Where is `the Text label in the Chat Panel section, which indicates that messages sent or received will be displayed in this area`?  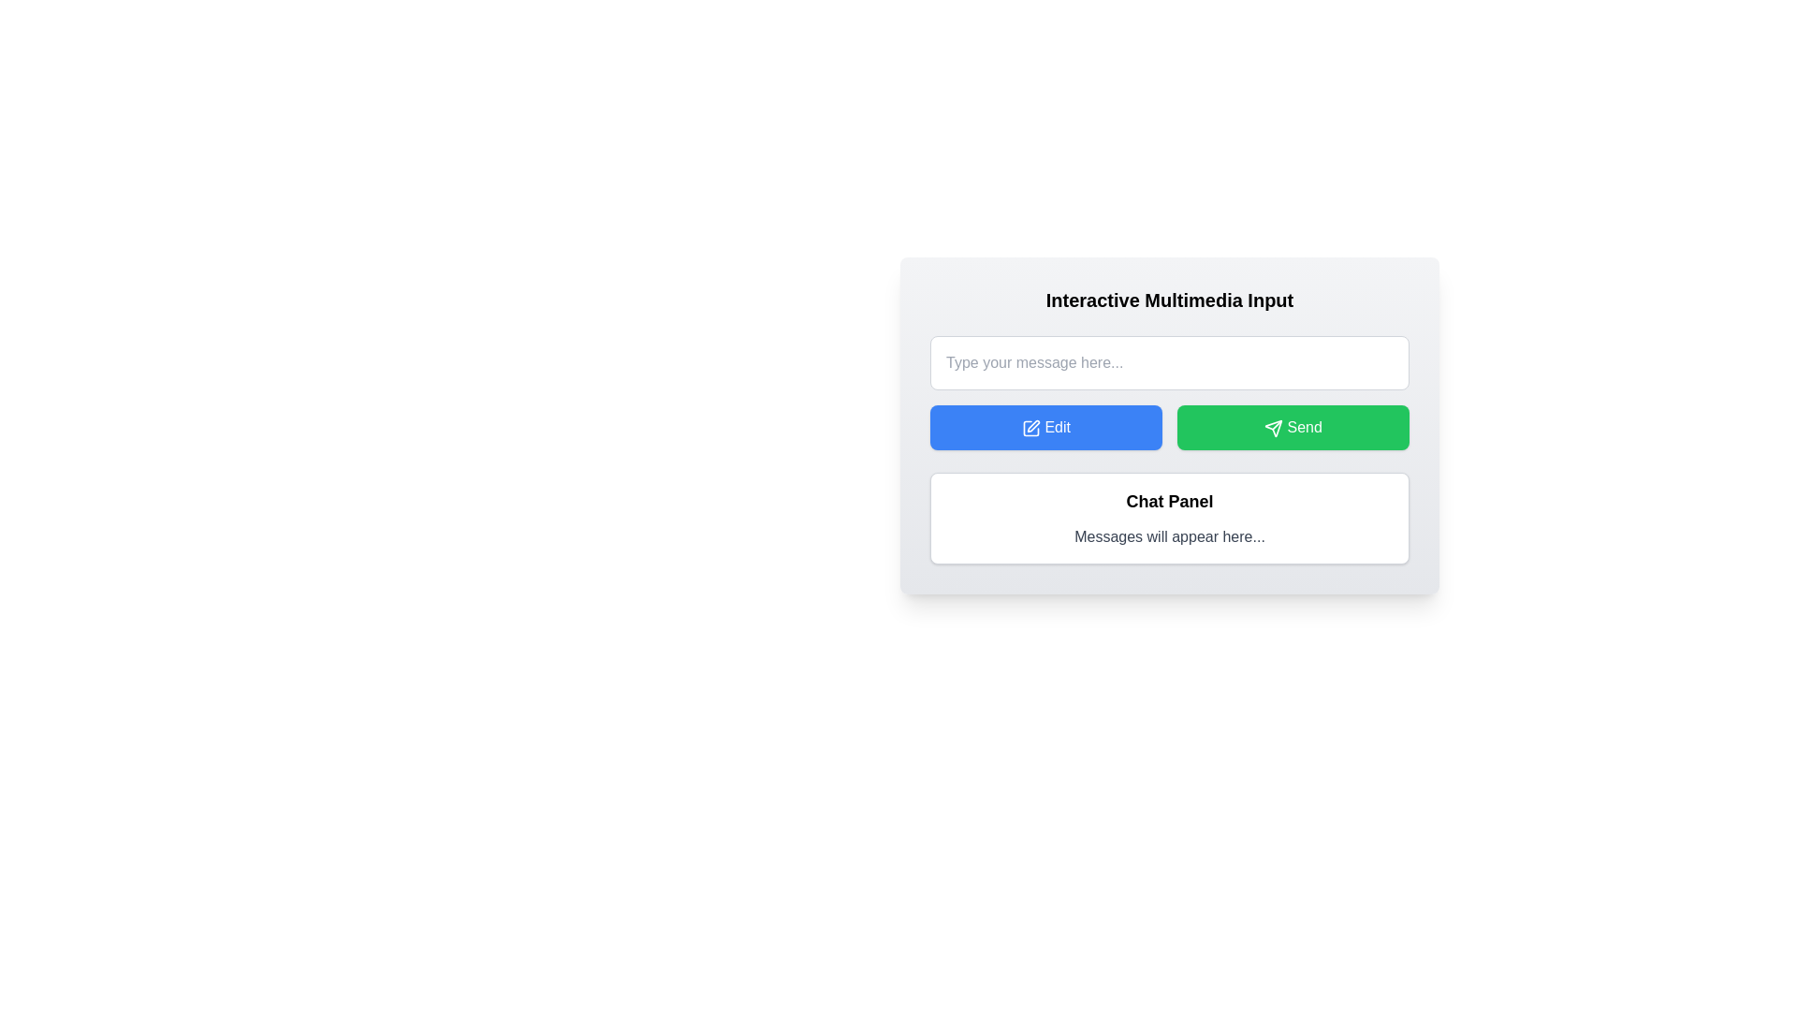
the Text label in the Chat Panel section, which indicates that messages sent or received will be displayed in this area is located at coordinates (1168, 537).